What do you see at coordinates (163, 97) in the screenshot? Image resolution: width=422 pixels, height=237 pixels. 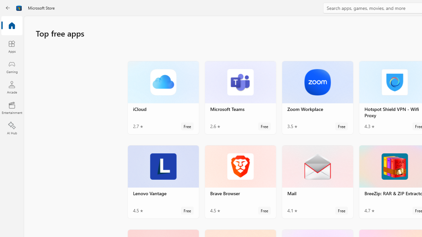 I see `'iCloud. Average rating of 2.7 out of five stars. Free  '` at bounding box center [163, 97].